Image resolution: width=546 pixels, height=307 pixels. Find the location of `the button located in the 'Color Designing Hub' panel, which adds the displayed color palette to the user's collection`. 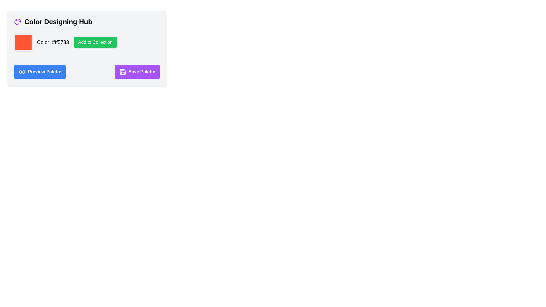

the button located in the 'Color Designing Hub' panel, which adds the displayed color palette to the user's collection is located at coordinates (87, 48).